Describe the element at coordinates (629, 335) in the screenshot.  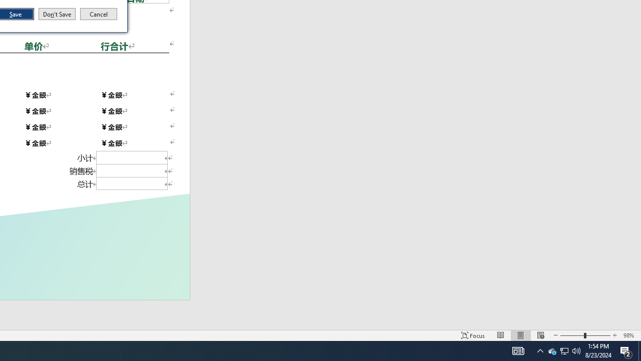
I see `'Zoom 98%'` at that location.